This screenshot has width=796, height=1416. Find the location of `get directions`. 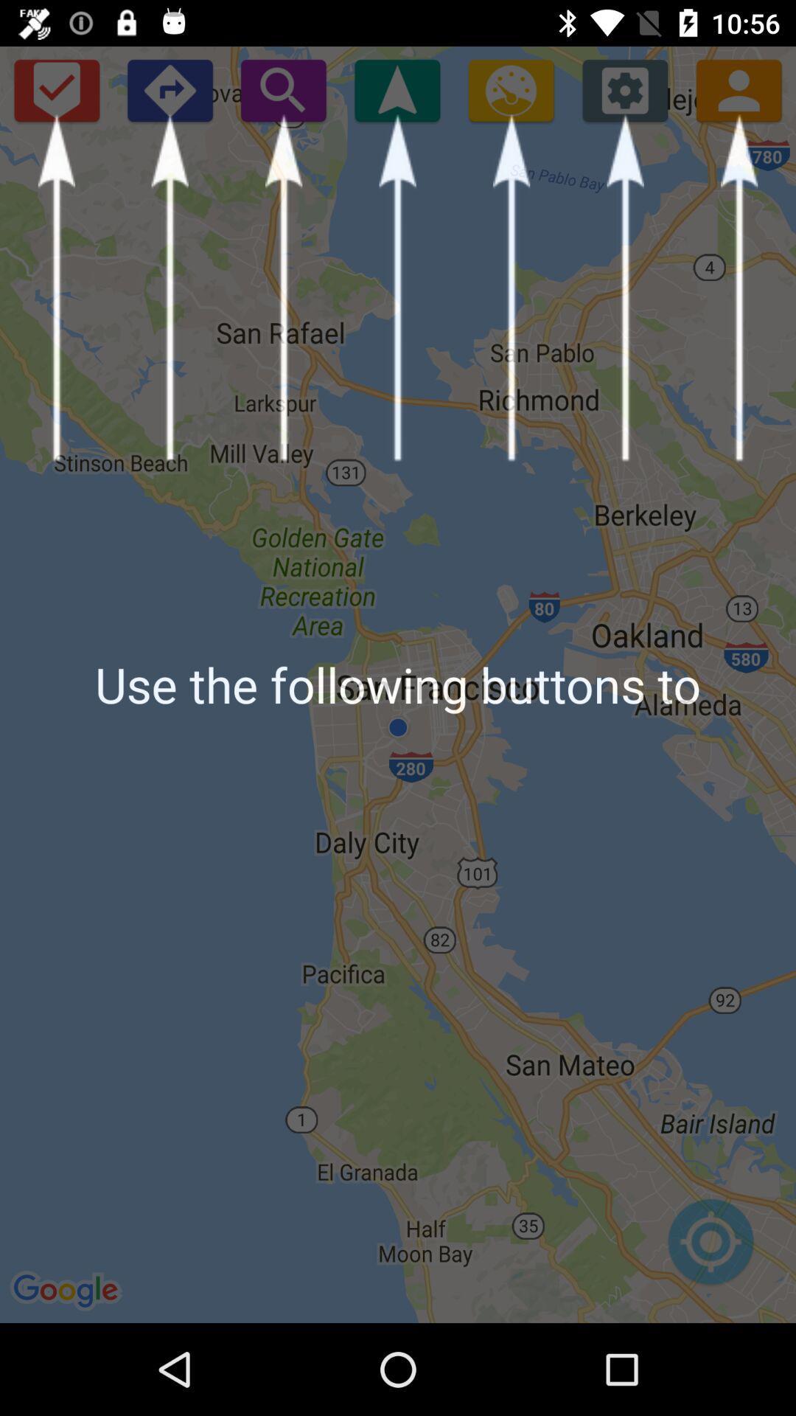

get directions is located at coordinates (169, 89).